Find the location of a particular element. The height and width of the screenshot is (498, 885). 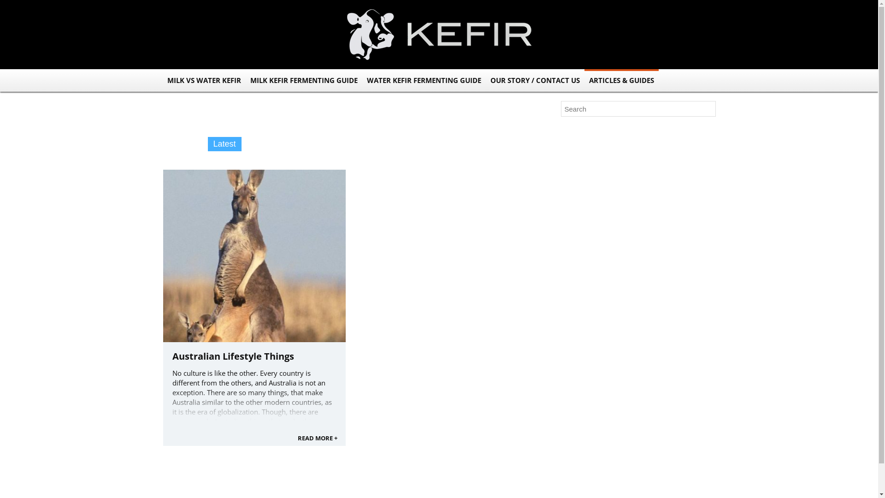

'READ MORE +' is located at coordinates (318, 438).